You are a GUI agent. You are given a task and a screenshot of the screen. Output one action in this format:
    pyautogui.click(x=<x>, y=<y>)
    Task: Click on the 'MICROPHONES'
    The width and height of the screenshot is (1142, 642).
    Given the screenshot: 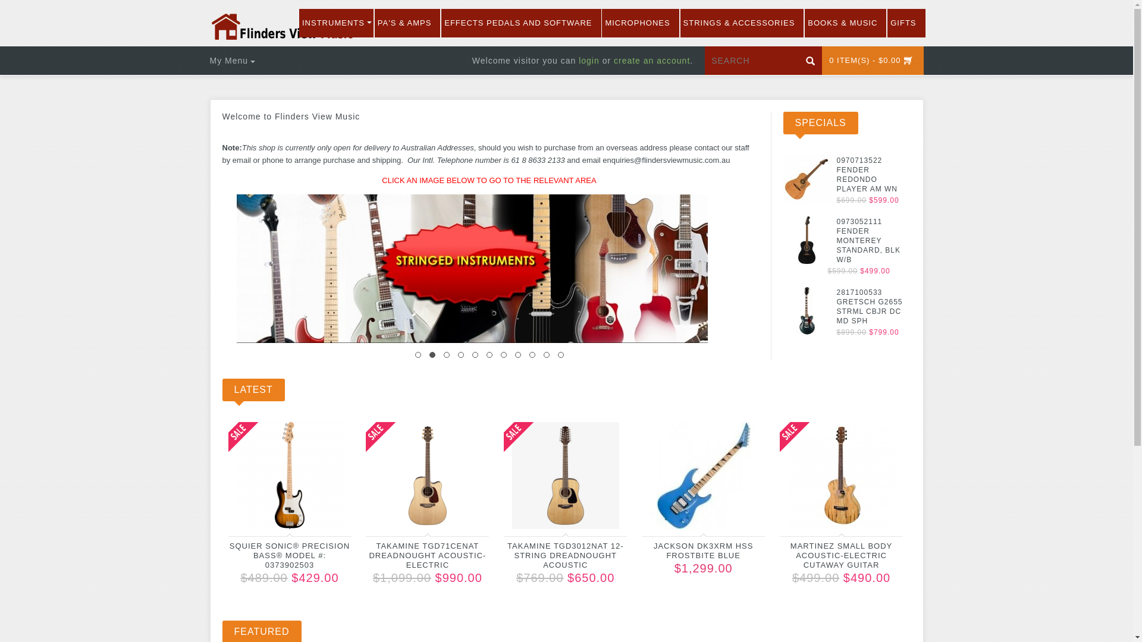 What is the action you would take?
    pyautogui.click(x=639, y=23)
    